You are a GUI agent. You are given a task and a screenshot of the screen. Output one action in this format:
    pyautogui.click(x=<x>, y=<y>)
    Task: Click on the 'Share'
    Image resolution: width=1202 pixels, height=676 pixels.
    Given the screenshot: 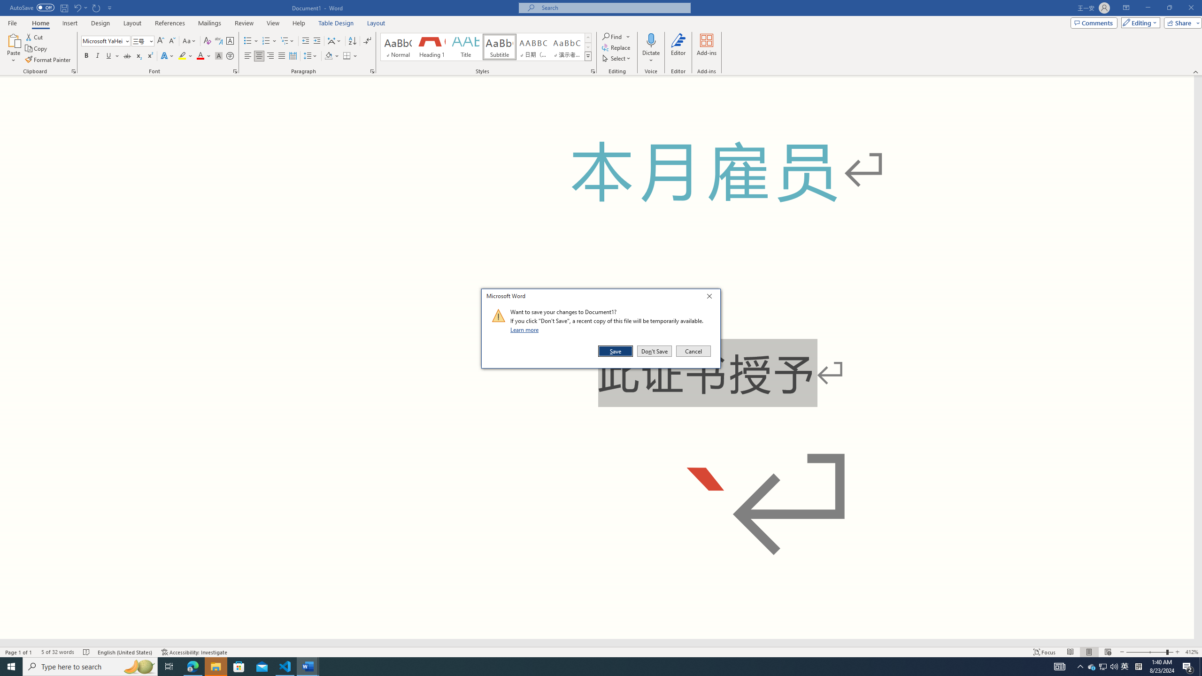 What is the action you would take?
    pyautogui.click(x=1181, y=22)
    